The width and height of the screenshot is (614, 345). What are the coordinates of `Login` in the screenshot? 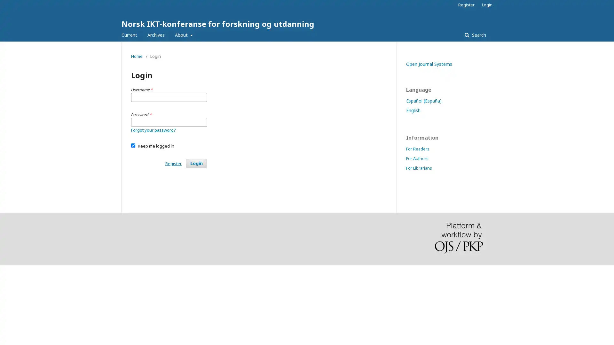 It's located at (196, 163).